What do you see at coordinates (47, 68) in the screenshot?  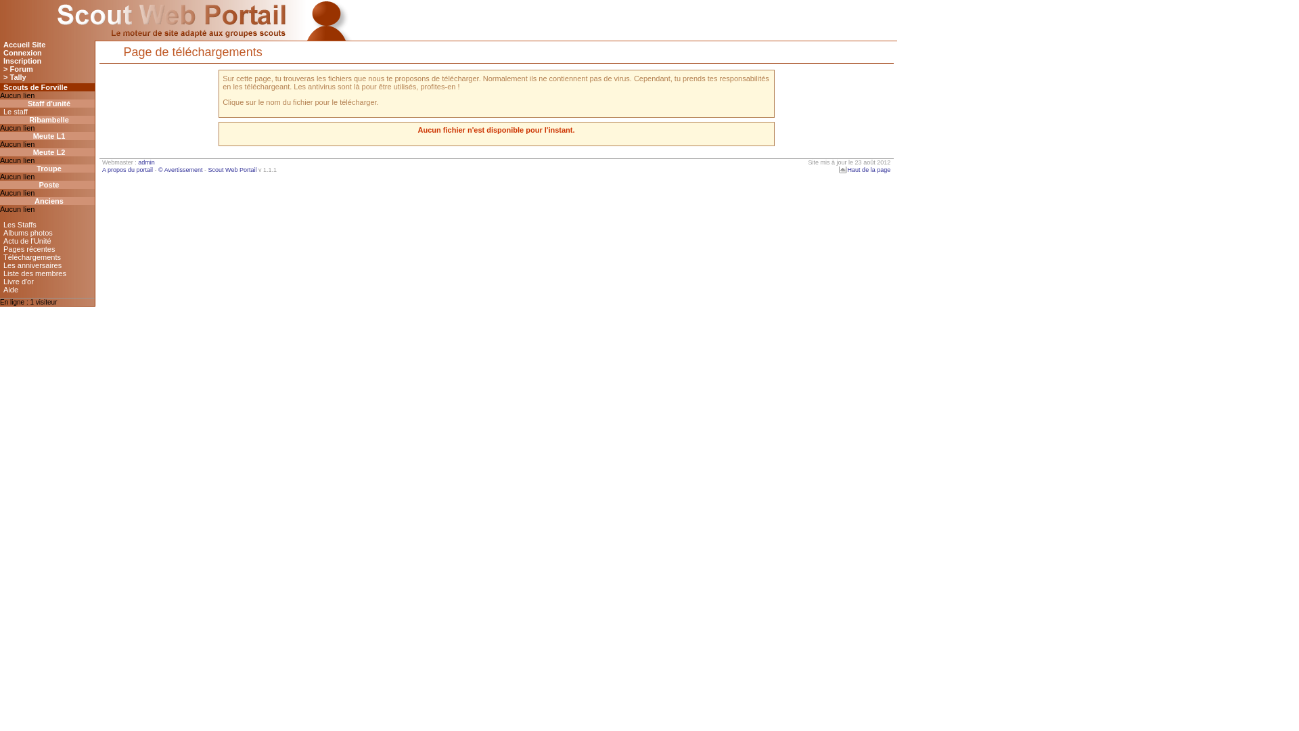 I see `'Forum'` at bounding box center [47, 68].